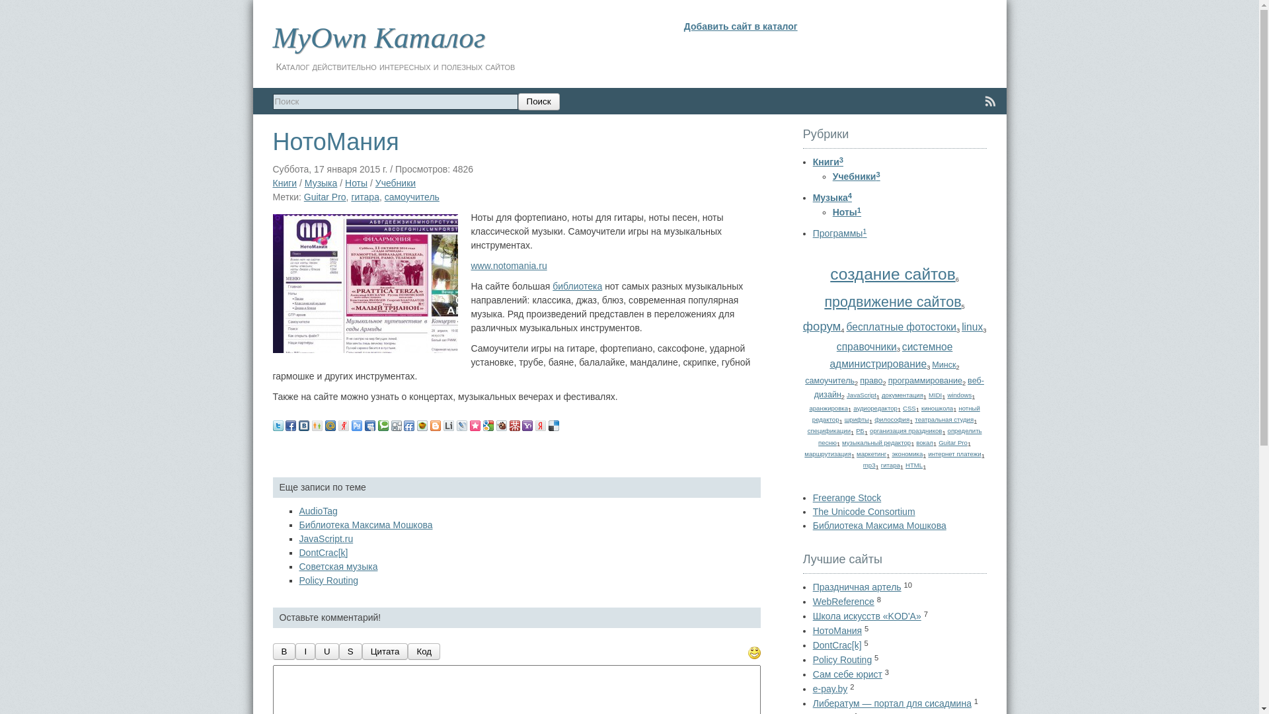  What do you see at coordinates (869, 464) in the screenshot?
I see `'mp3'` at bounding box center [869, 464].